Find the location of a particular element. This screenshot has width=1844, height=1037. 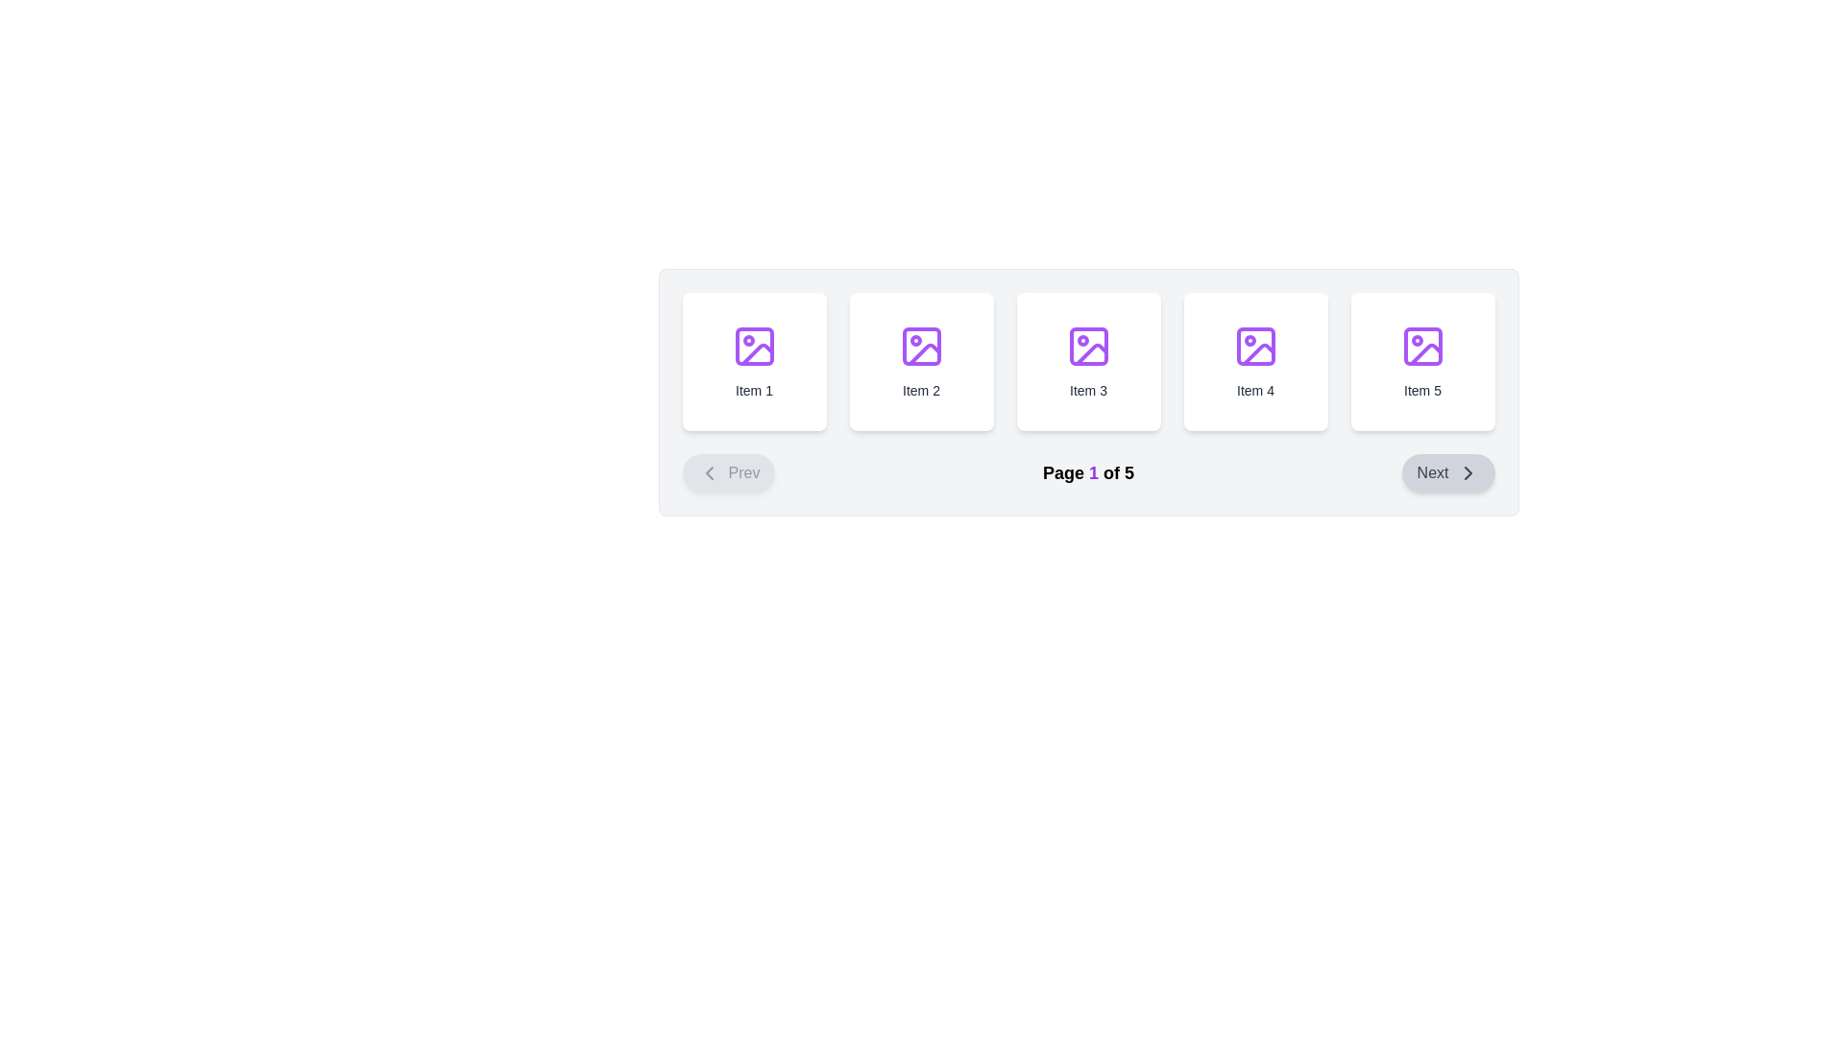

the Text label within the navigation button that allows the user to move to the previous set of items in the carousel, located at the bottom-left corner of the content carousel is located at coordinates (742, 473).